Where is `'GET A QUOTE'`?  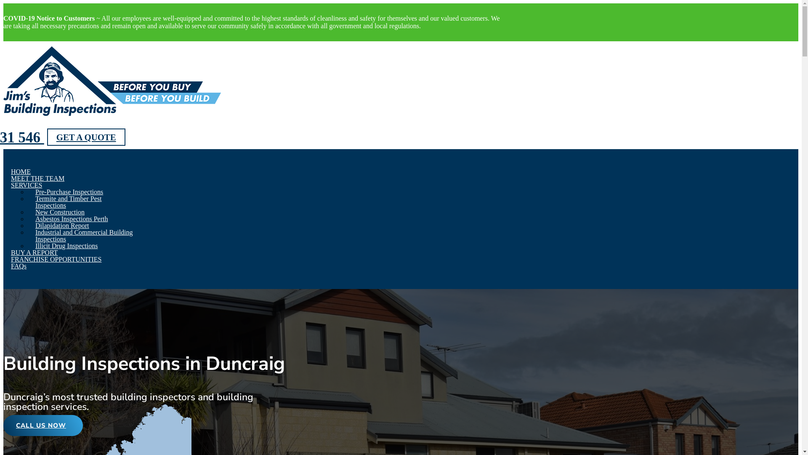 'GET A QUOTE' is located at coordinates (86, 136).